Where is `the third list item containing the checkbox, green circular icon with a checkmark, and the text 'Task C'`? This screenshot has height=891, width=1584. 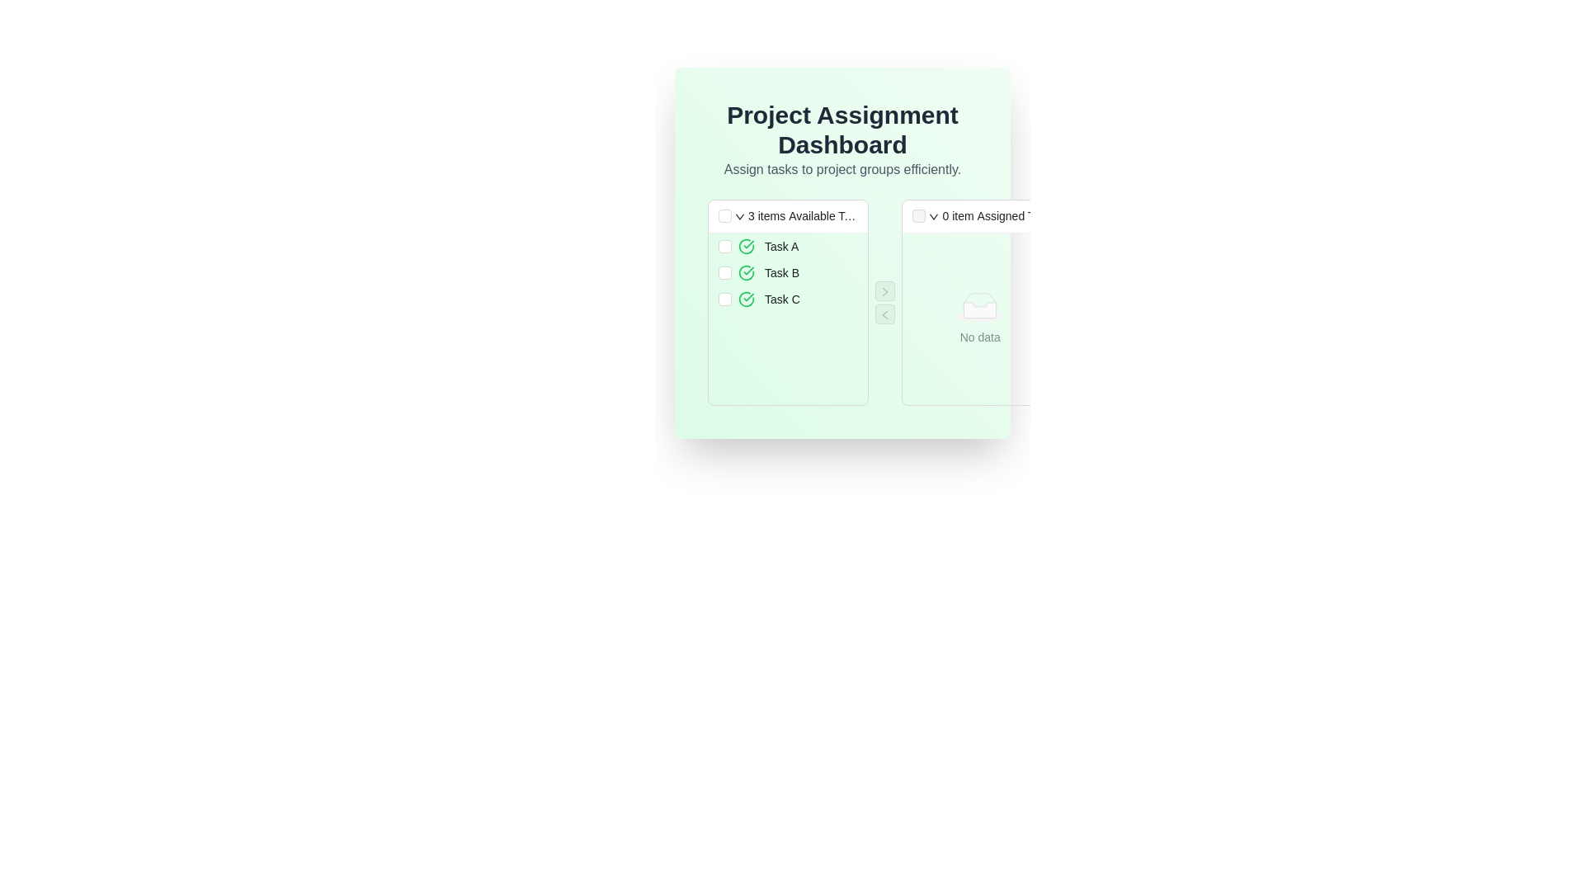
the third list item containing the checkbox, green circular icon with a checkmark, and the text 'Task C' is located at coordinates (787, 299).